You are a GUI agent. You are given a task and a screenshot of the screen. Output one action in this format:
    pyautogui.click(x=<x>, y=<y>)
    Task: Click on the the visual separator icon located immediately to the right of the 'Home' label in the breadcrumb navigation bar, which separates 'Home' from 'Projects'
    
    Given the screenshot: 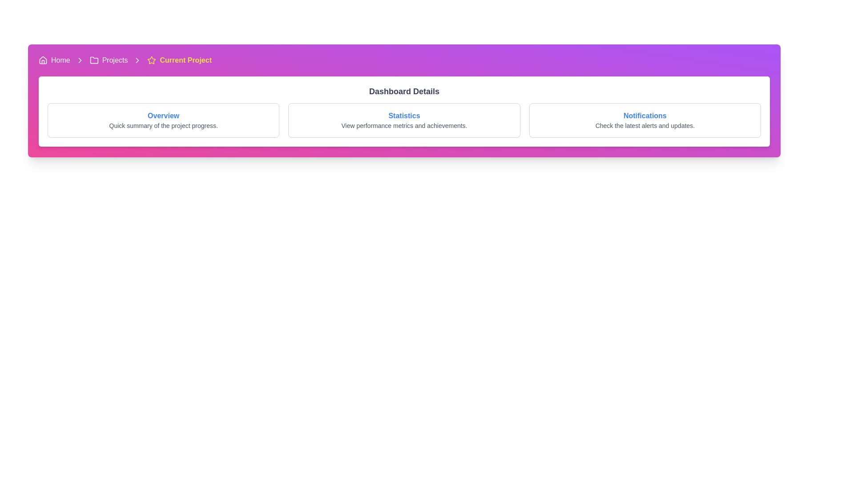 What is the action you would take?
    pyautogui.click(x=80, y=60)
    